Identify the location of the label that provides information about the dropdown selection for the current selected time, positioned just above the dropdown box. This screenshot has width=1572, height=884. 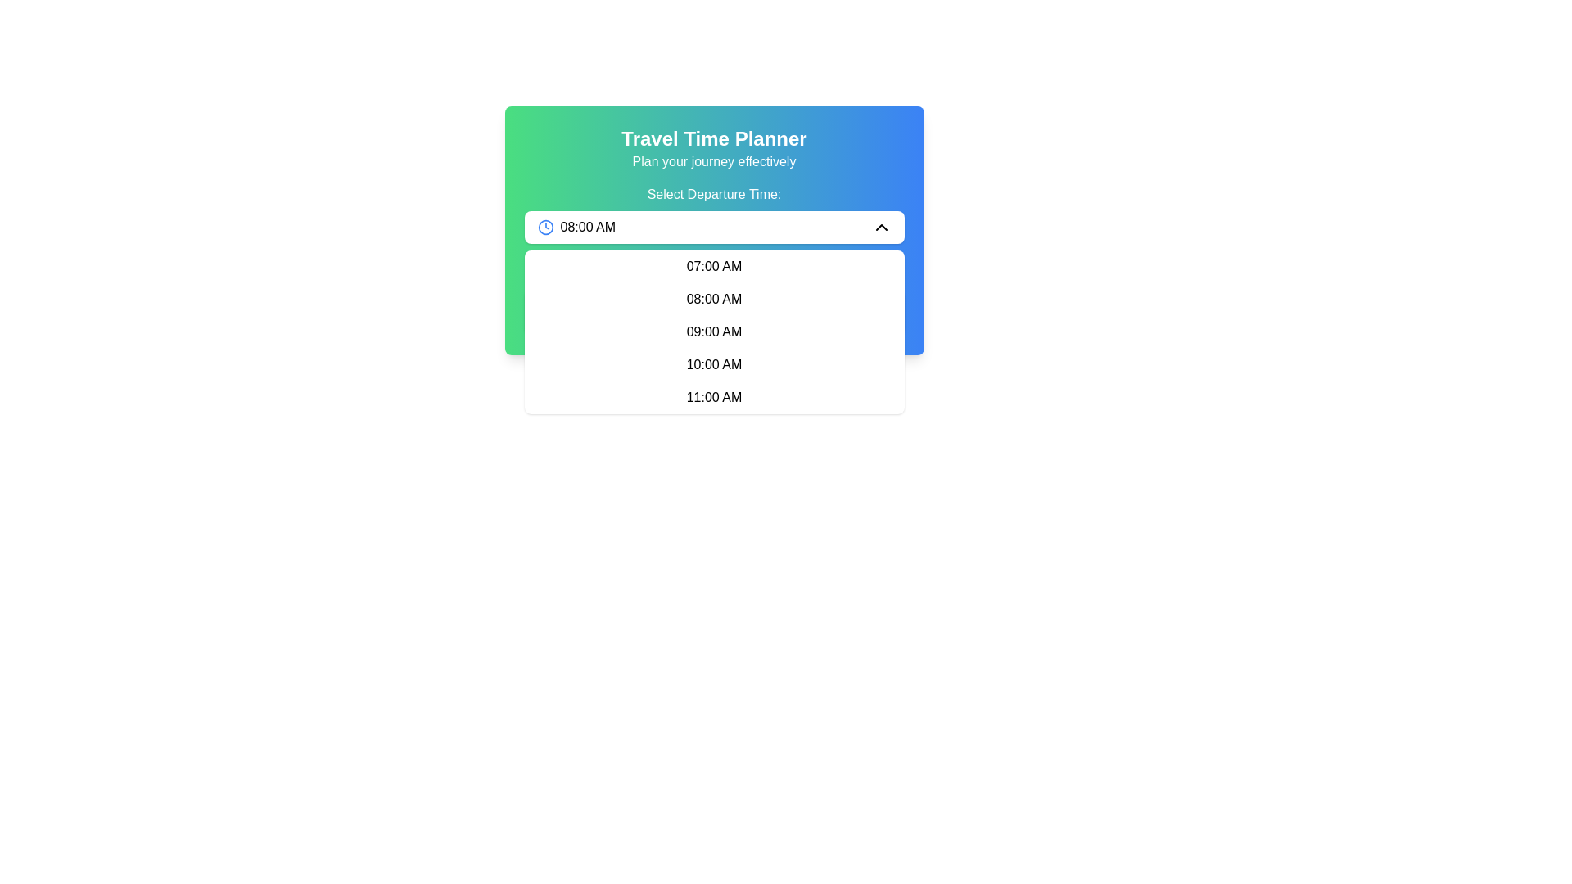
(714, 194).